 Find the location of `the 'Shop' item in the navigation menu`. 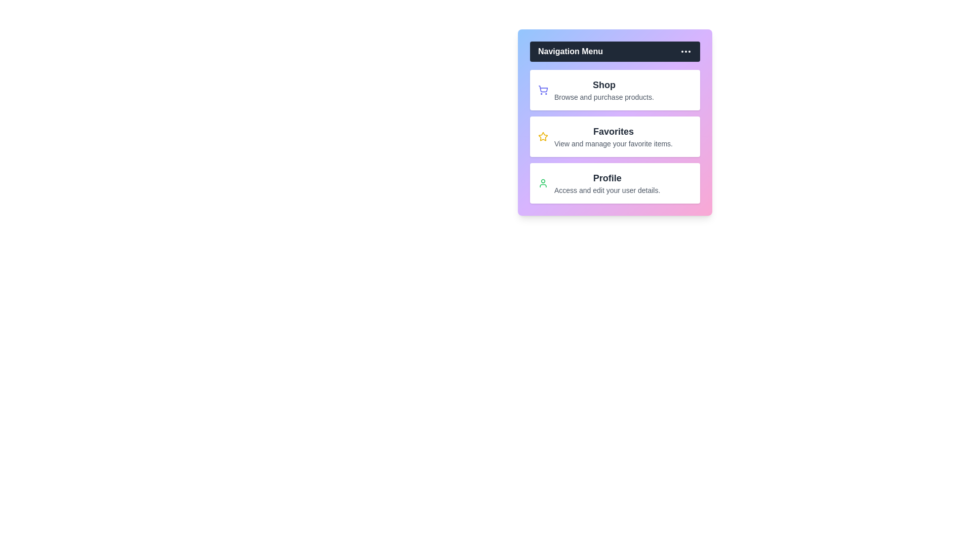

the 'Shop' item in the navigation menu is located at coordinates (604, 85).